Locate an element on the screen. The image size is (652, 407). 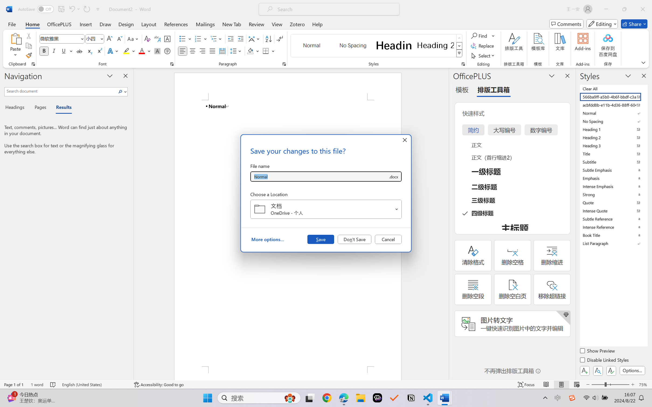
'View' is located at coordinates (277, 24).